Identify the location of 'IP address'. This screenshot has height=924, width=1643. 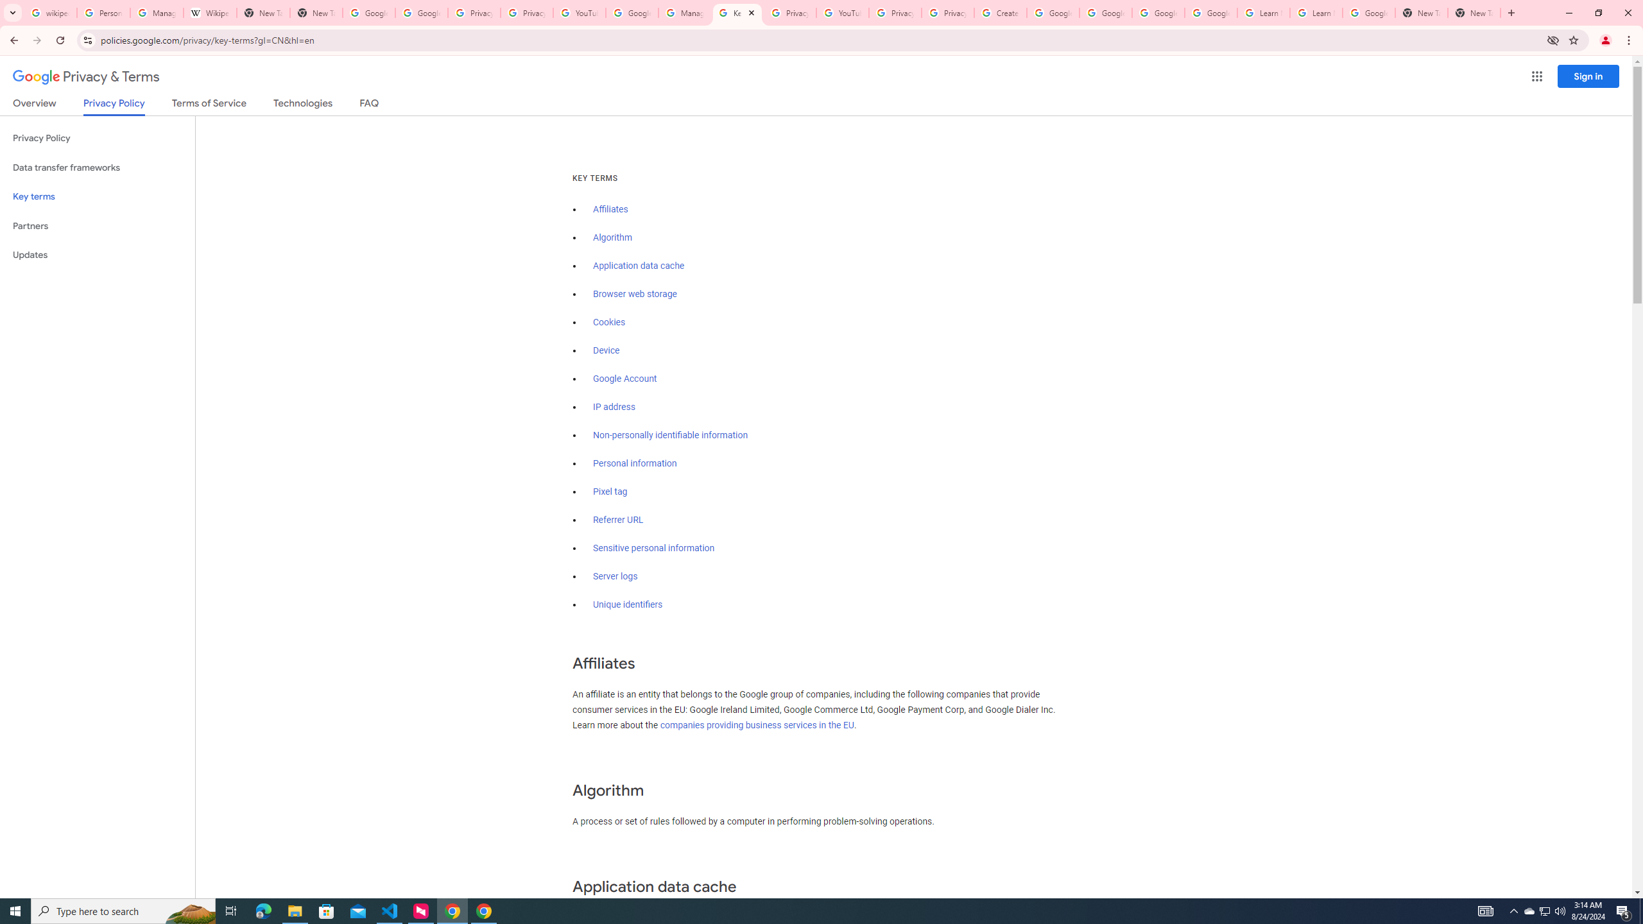
(614, 407).